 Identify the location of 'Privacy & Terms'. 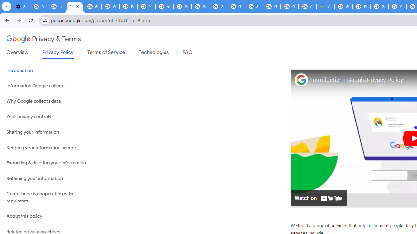
(44, 39).